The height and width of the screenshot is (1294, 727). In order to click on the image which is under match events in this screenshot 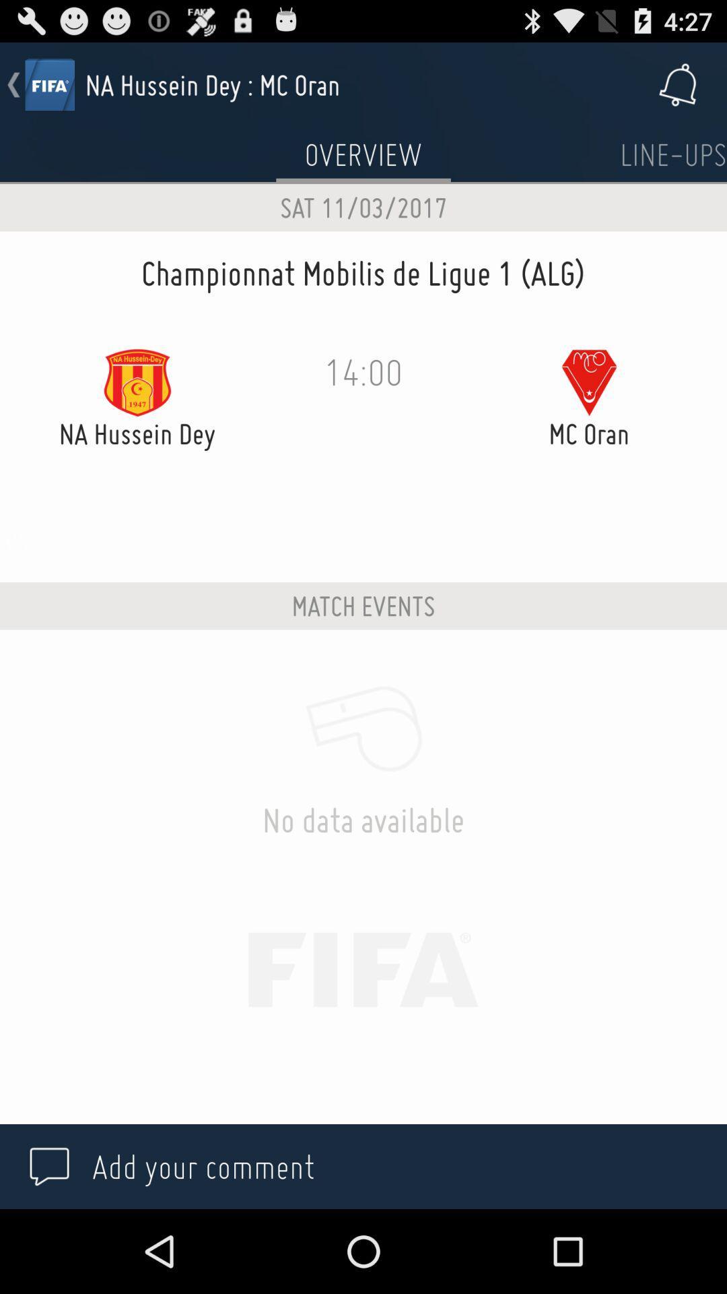, I will do `click(363, 728)`.